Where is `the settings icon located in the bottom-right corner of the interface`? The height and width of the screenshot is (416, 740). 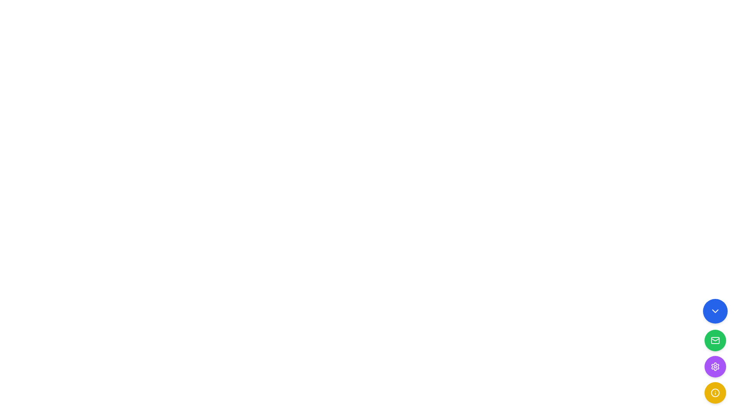
the settings icon located in the bottom-right corner of the interface is located at coordinates (715, 366).